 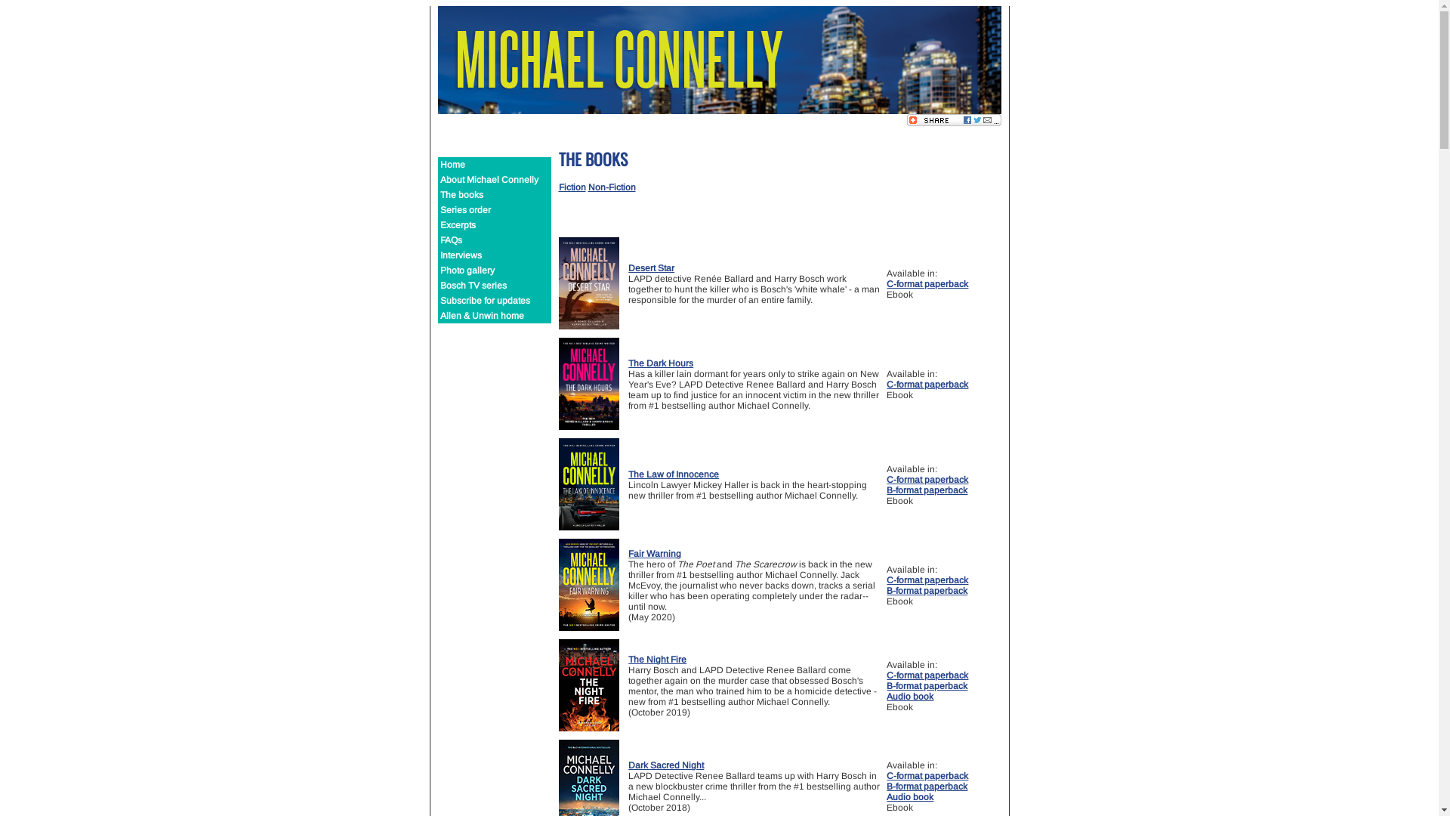 I want to click on 'Dark Sacred Night', so click(x=628, y=765).